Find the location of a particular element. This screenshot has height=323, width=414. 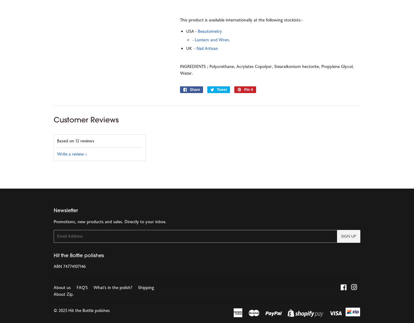

'Tweet' is located at coordinates (221, 89).